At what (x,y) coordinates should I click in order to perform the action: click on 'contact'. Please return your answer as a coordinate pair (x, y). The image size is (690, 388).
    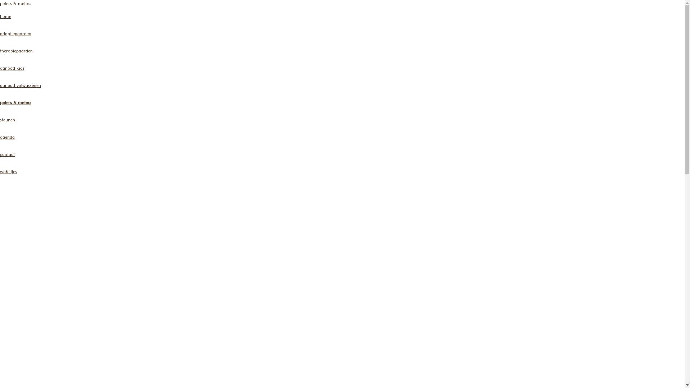
    Looking at the image, I should click on (0, 155).